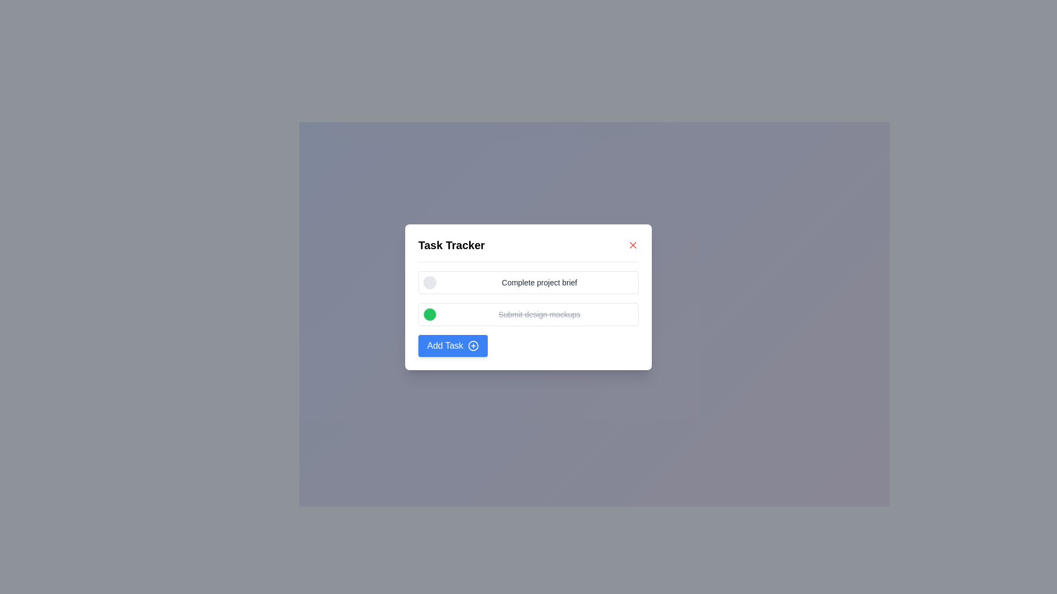 The image size is (1057, 594). I want to click on the circular plus symbol icon that is part of the 'Add Task' button, which is centrally located within a rectangular blue background, so click(473, 345).